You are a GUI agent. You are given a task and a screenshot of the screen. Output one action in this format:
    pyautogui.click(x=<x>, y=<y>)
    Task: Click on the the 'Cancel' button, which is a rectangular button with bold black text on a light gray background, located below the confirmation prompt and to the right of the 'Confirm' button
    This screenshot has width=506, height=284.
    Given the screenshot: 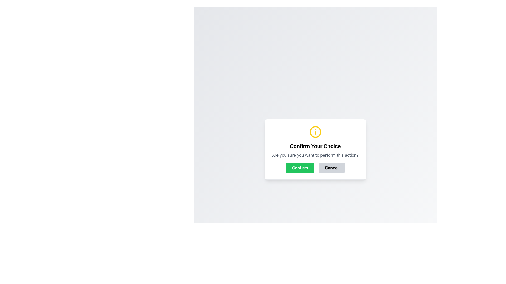 What is the action you would take?
    pyautogui.click(x=332, y=168)
    